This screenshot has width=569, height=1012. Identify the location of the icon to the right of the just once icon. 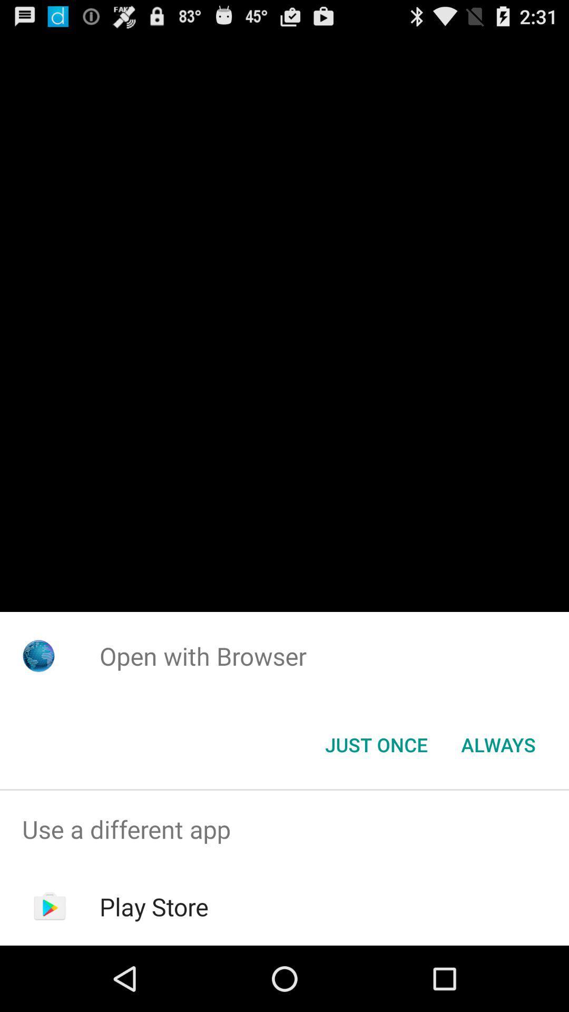
(498, 744).